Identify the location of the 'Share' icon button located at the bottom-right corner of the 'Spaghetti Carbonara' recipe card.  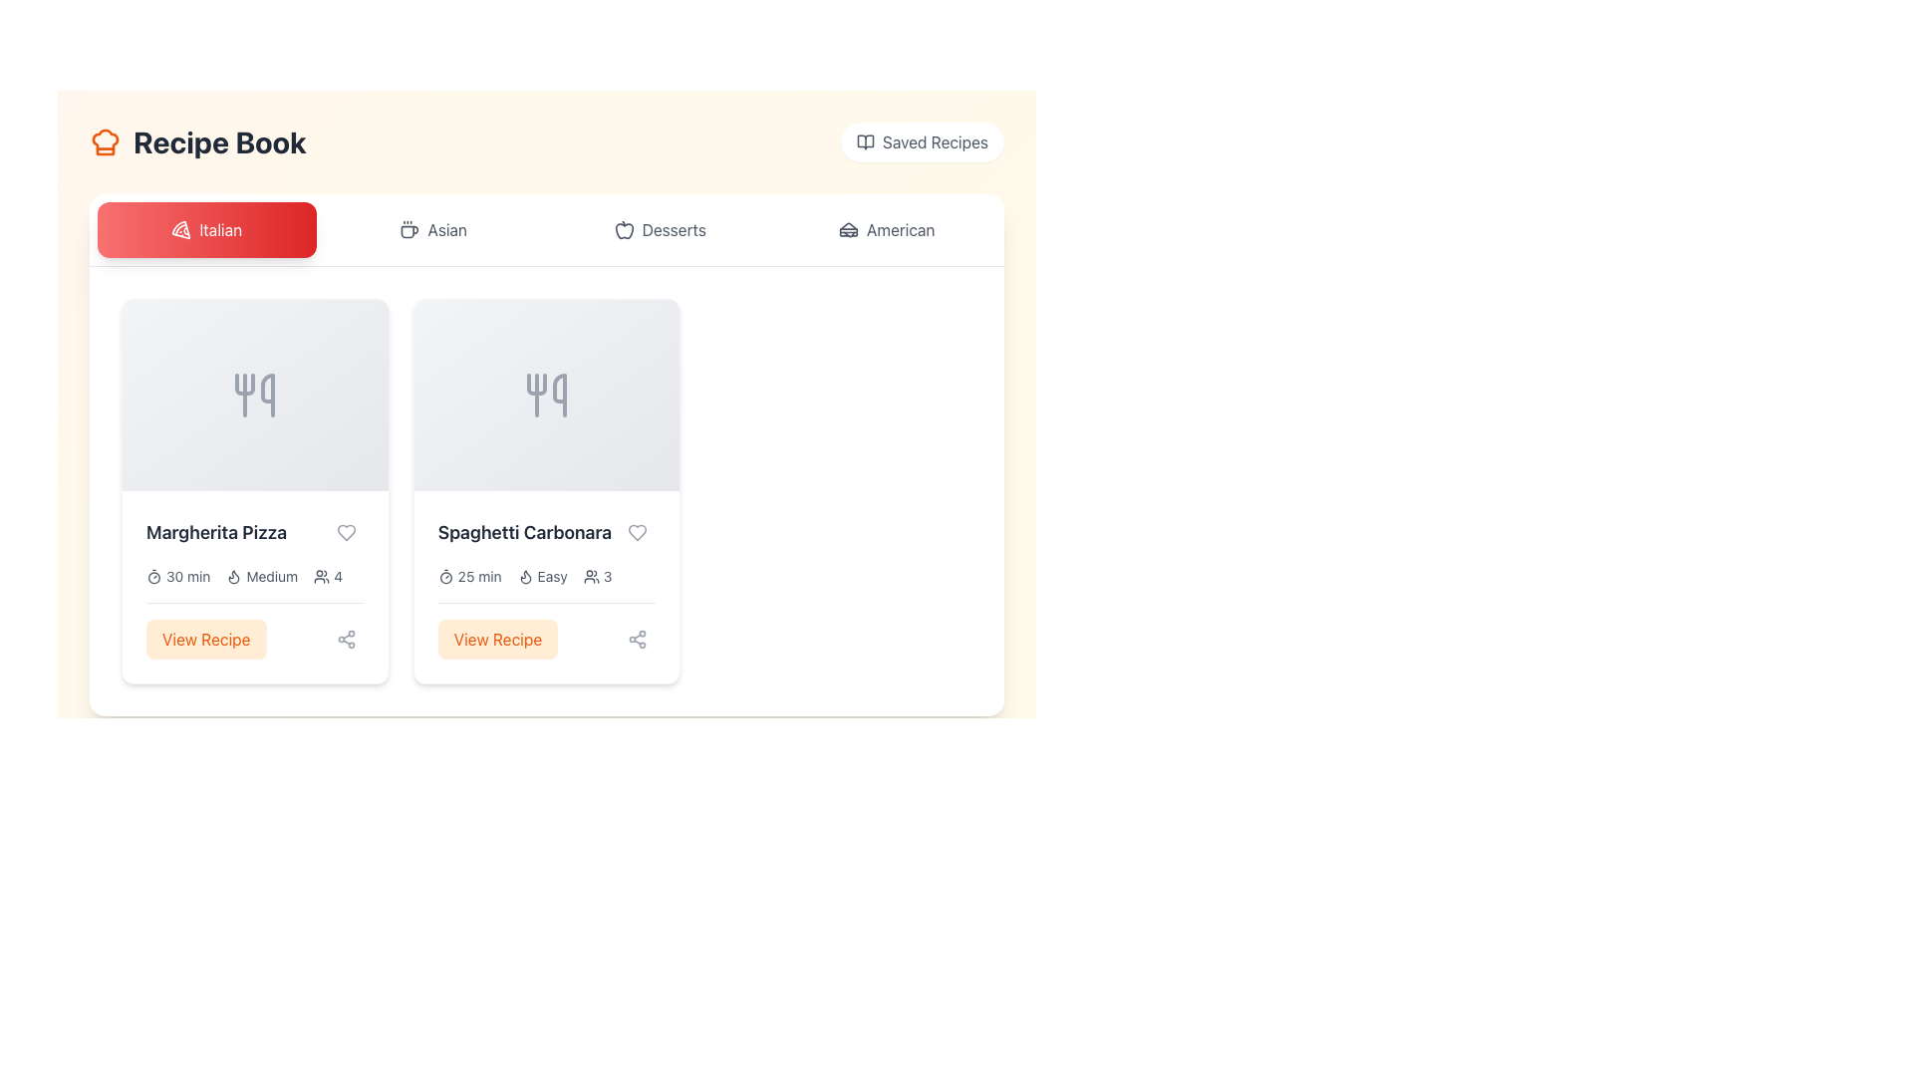
(638, 639).